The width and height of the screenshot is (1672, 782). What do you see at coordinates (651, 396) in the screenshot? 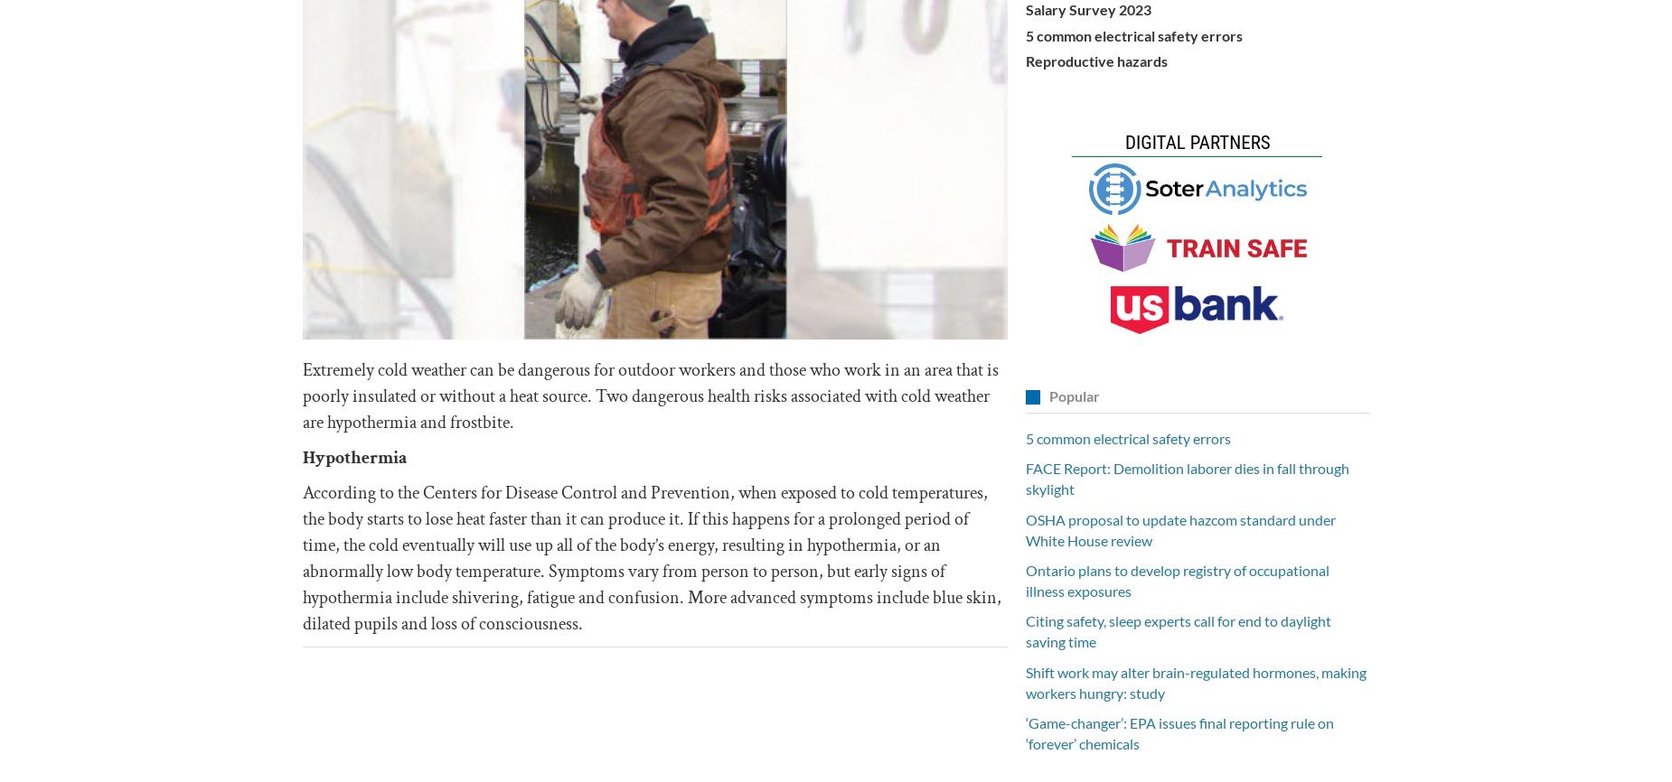
I see `'Extremely cold weather can be dangerous for outdoor workers and those who work in an area that is poorly insulated or without a heat source. Two dangerous health risks associated with cold weather are hypothermia and frostbite.'` at bounding box center [651, 396].